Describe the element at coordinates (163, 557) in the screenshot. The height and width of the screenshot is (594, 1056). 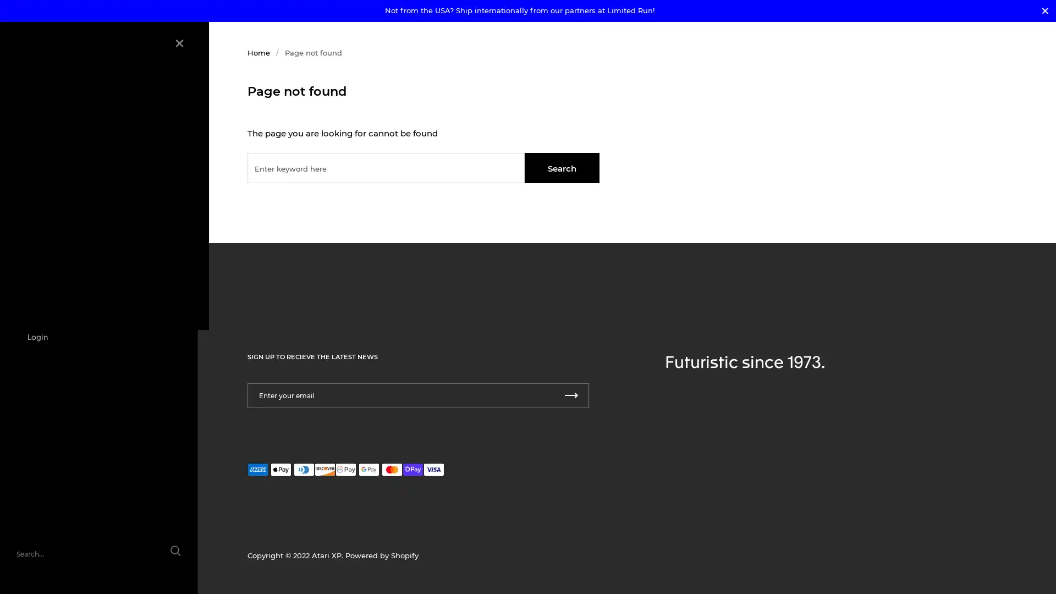
I see `Submit` at that location.